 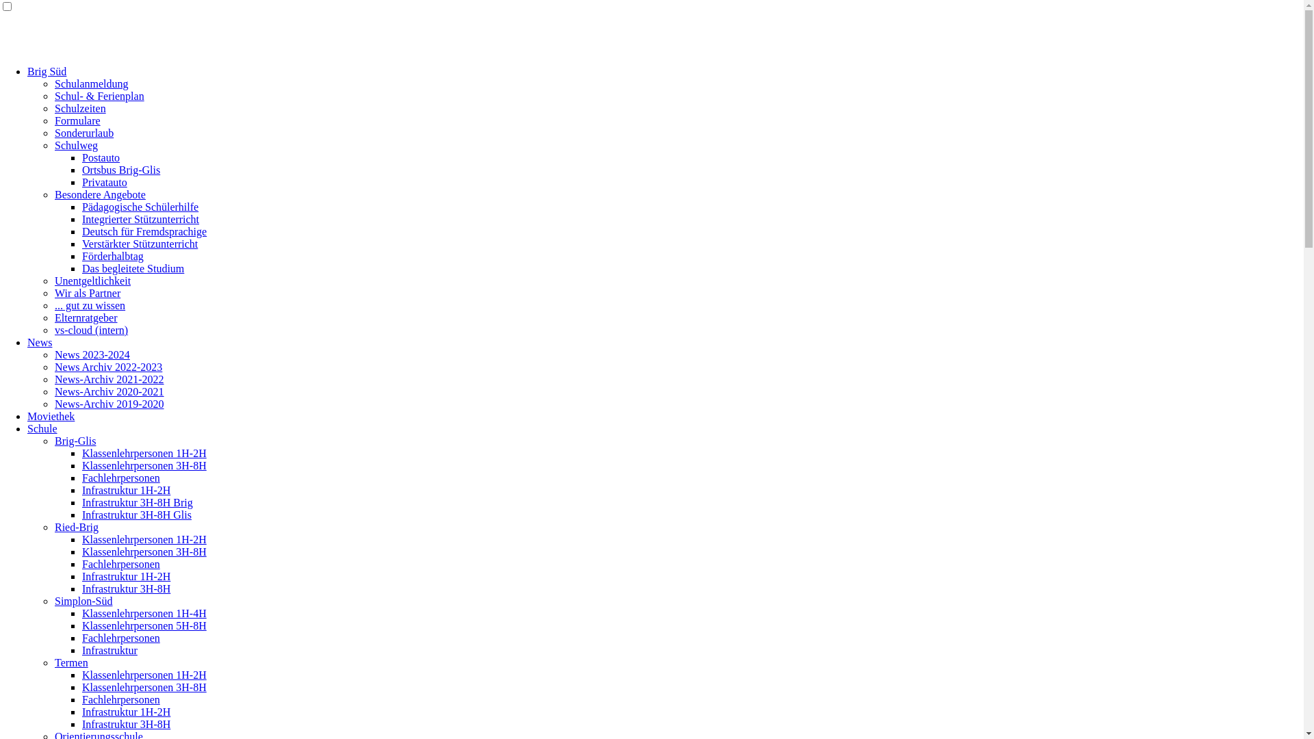 What do you see at coordinates (27, 428) in the screenshot?
I see `'Schule'` at bounding box center [27, 428].